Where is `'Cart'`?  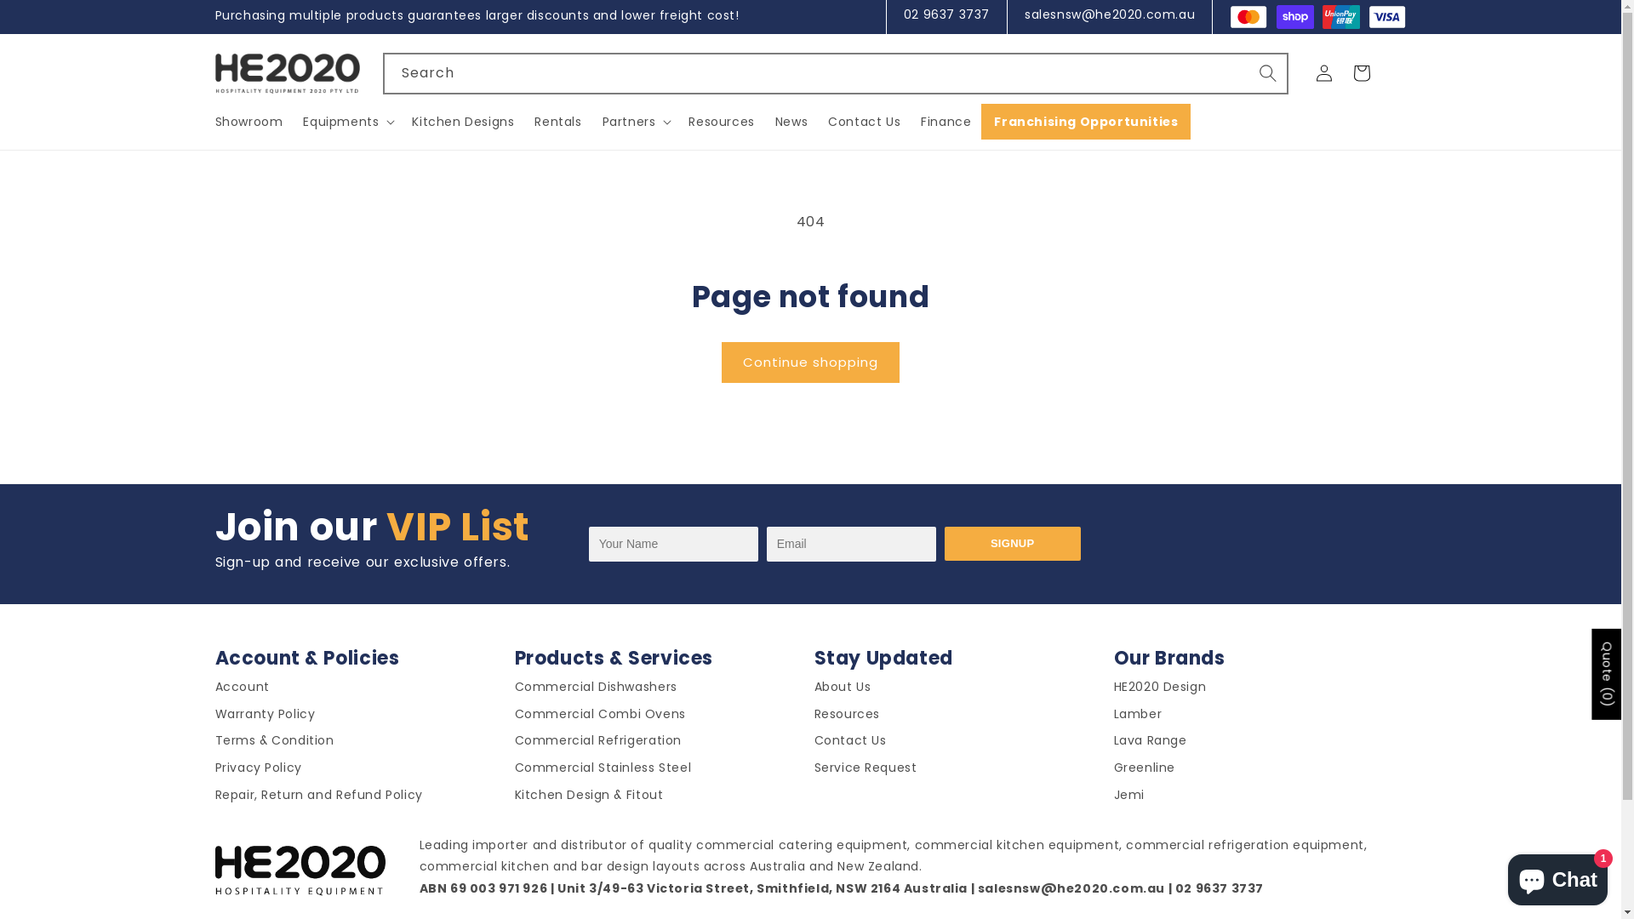 'Cart' is located at coordinates (1360, 71).